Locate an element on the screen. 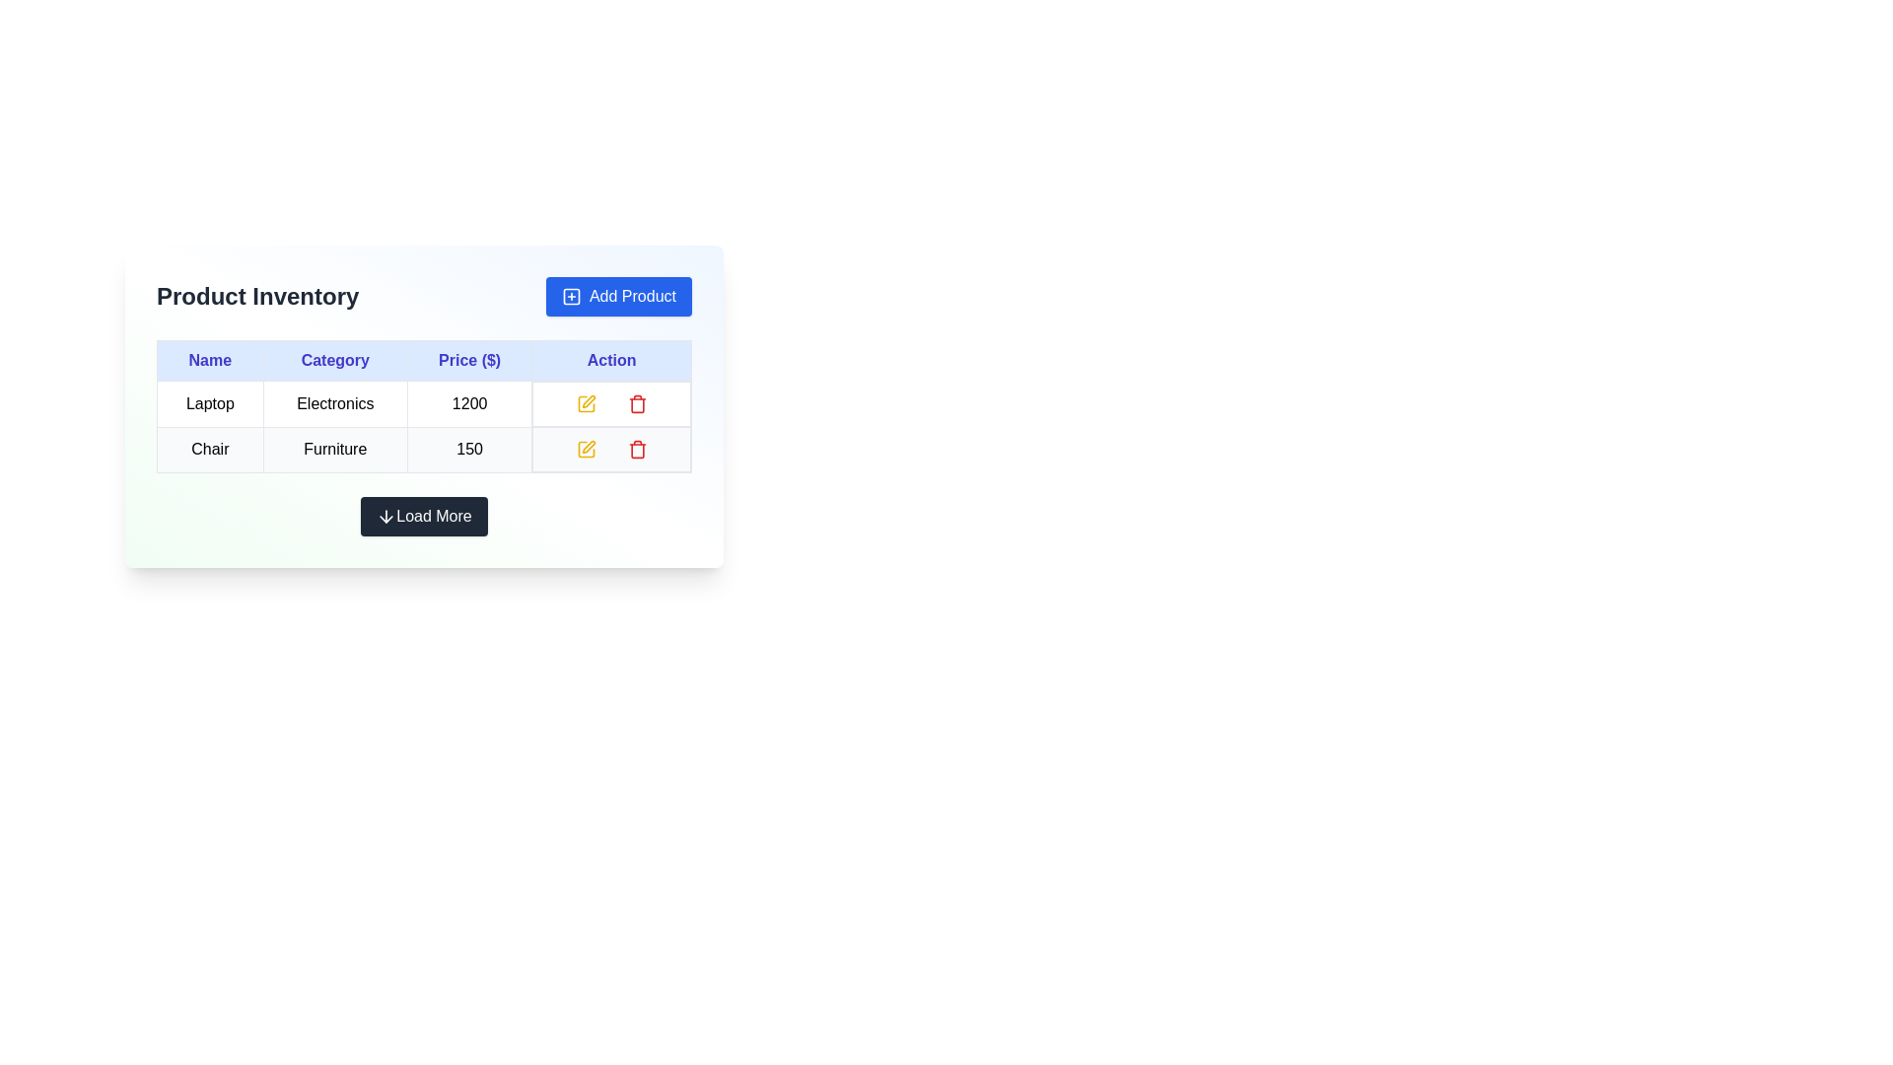 The image size is (1893, 1065). the price cell in the first row and third column of the inventory table, which displays the price of the corresponding item, next to the 'Electronics' text is located at coordinates (468, 402).